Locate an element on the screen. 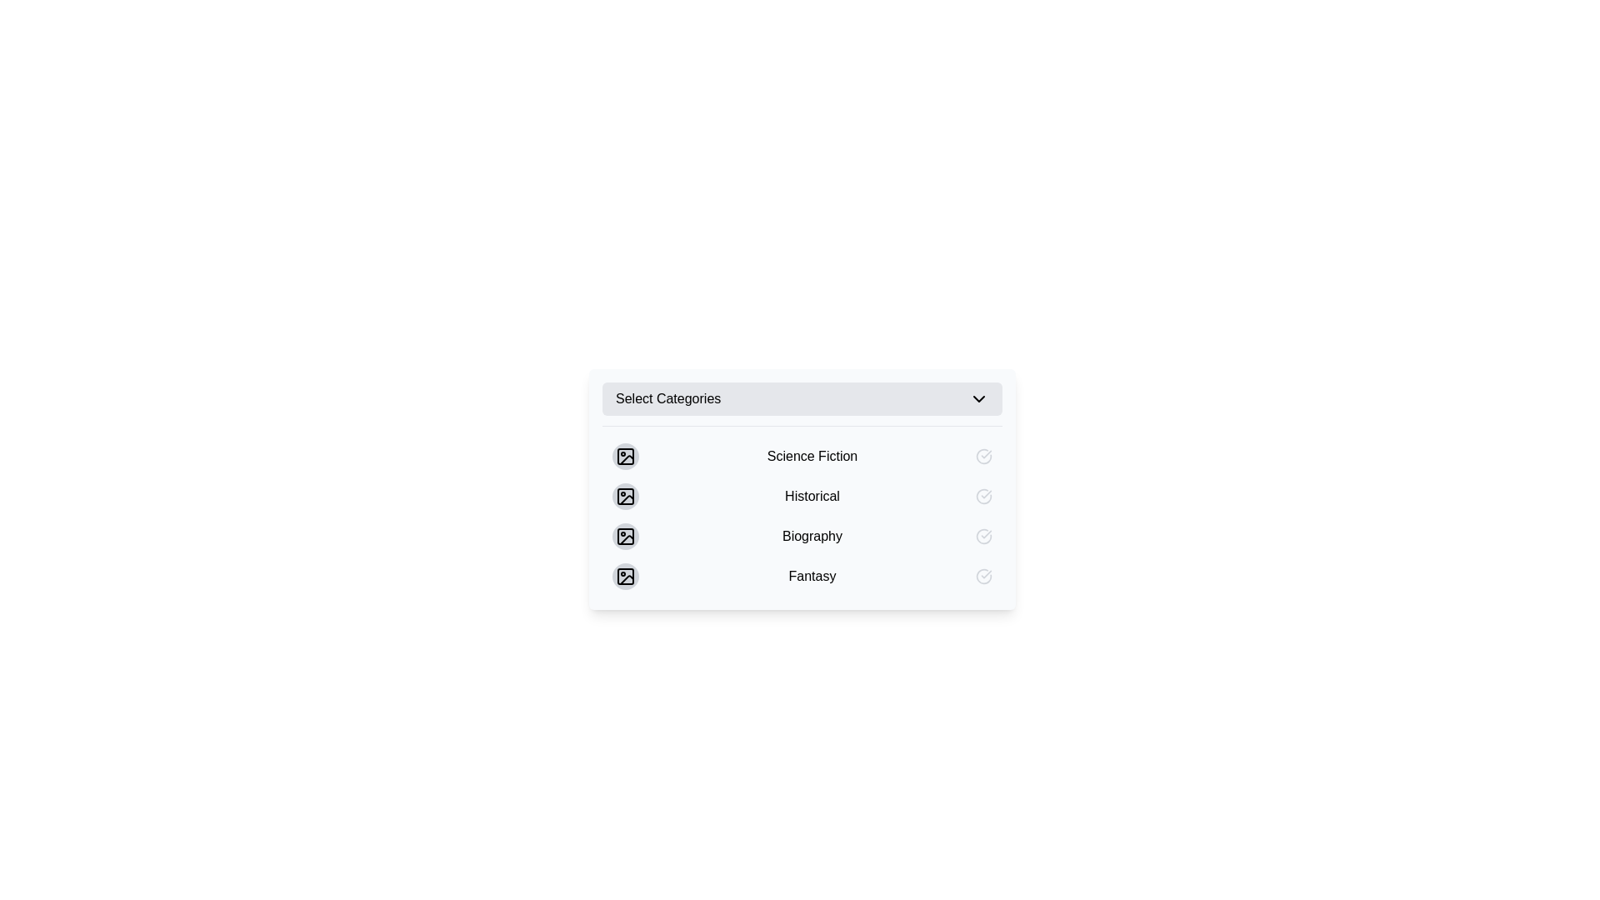 The image size is (1600, 900). the Checkmark icon representing the selection state of the 'Biography' category is located at coordinates (983, 537).